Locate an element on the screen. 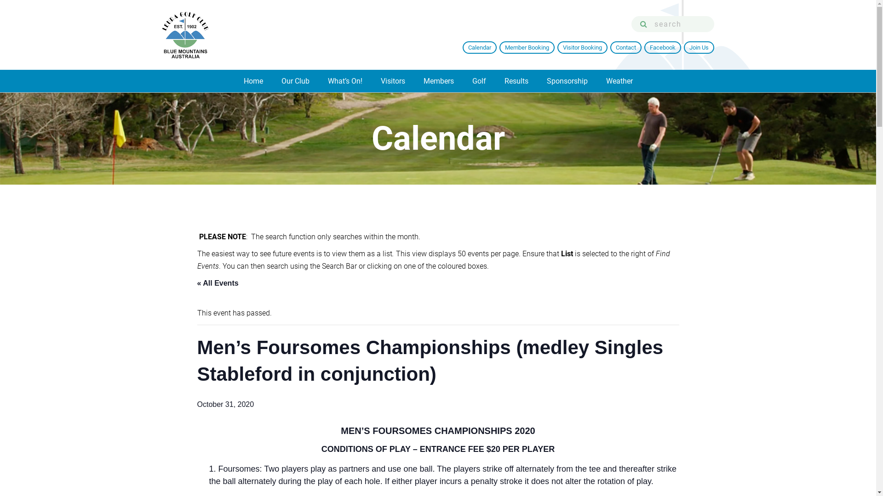 This screenshot has height=496, width=883. 'Contact' is located at coordinates (625, 47).